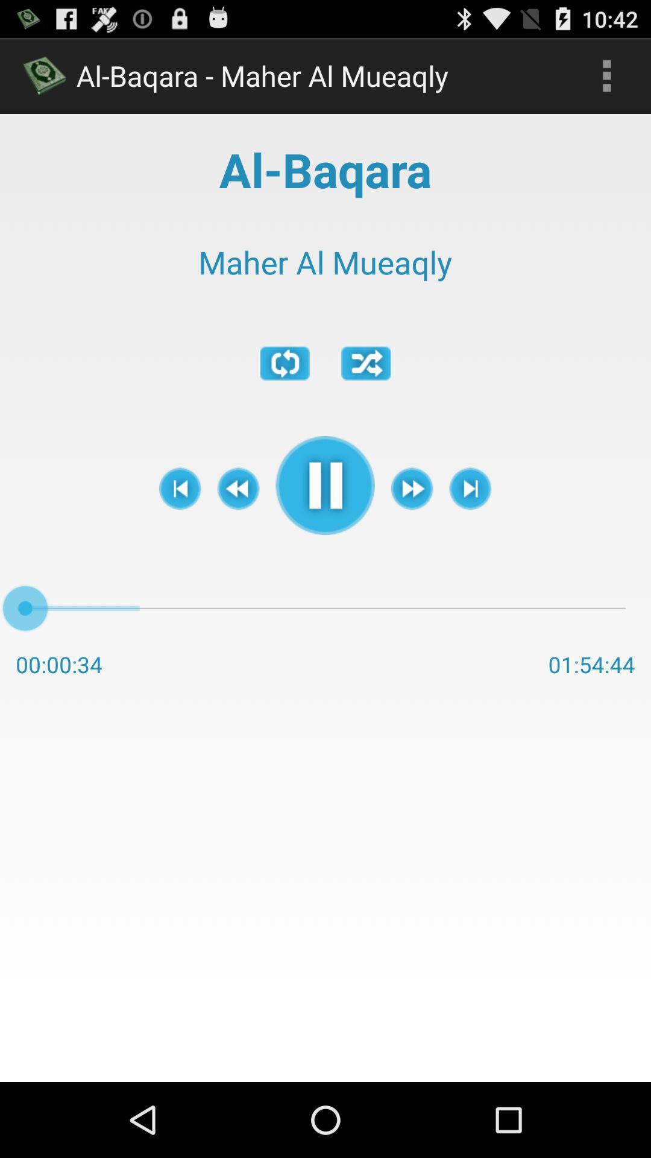 The image size is (651, 1158). I want to click on the av_rewind icon, so click(238, 523).